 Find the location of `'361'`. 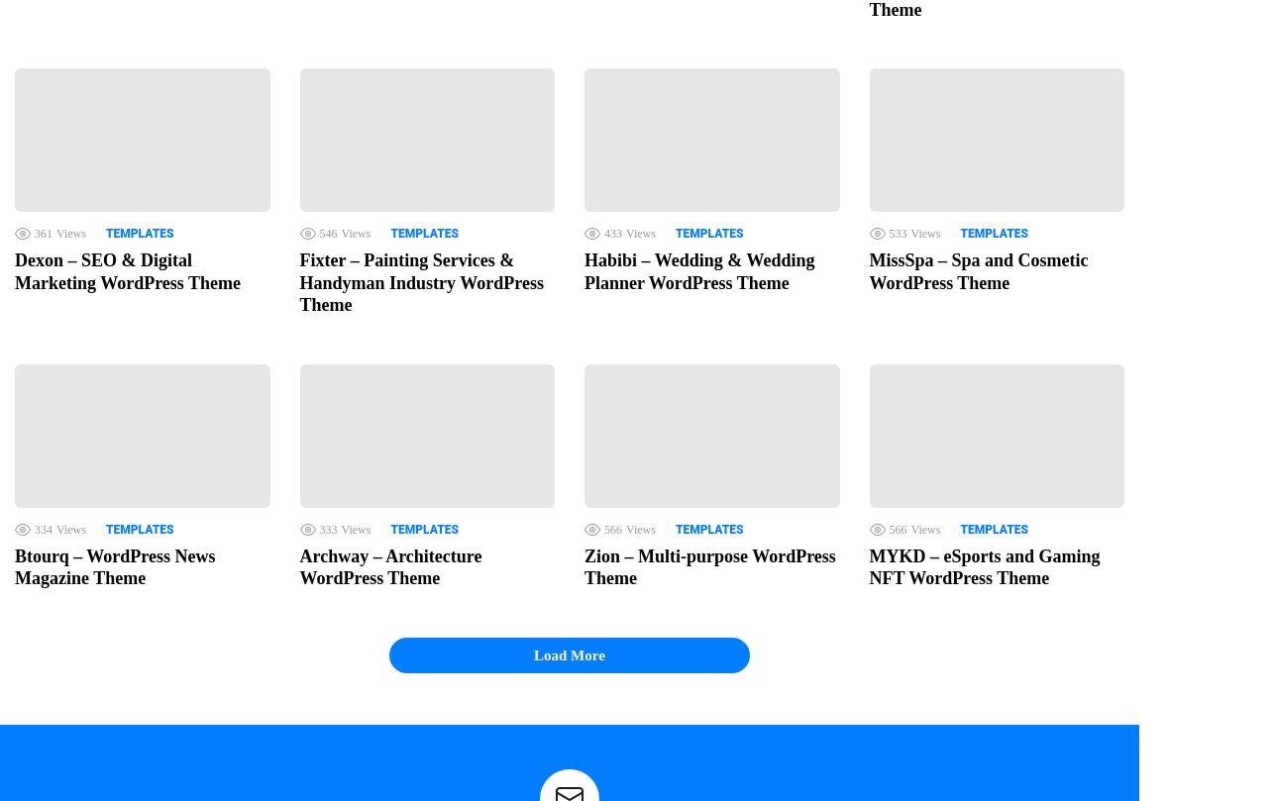

'361' is located at coordinates (43, 232).